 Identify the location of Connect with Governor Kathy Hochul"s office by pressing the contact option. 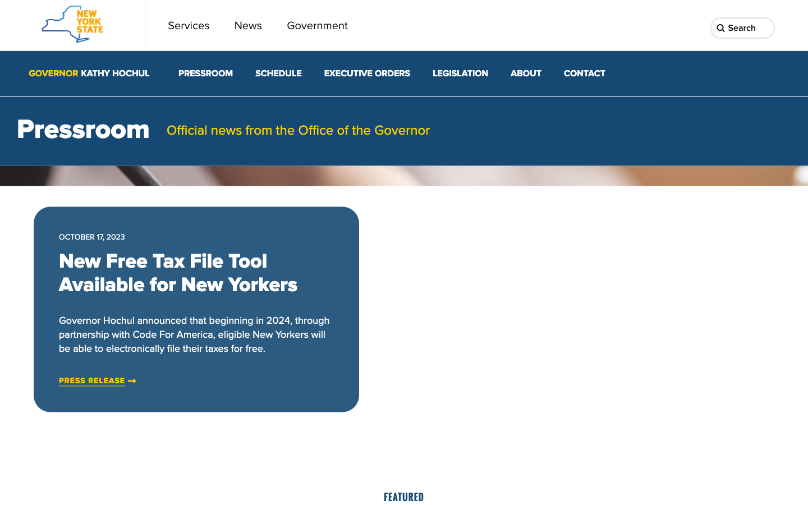
(584, 74).